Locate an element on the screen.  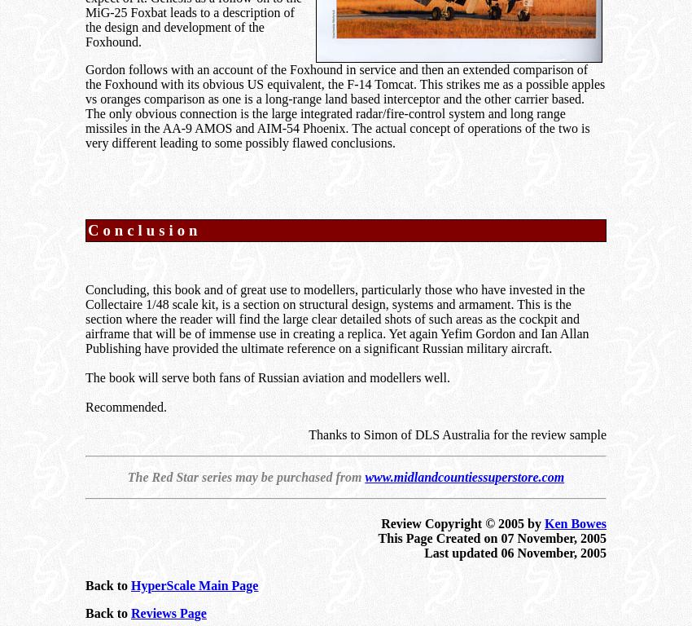
'Thanks to Simon of DLS Australia for the review 
          sample' is located at coordinates (458, 434).